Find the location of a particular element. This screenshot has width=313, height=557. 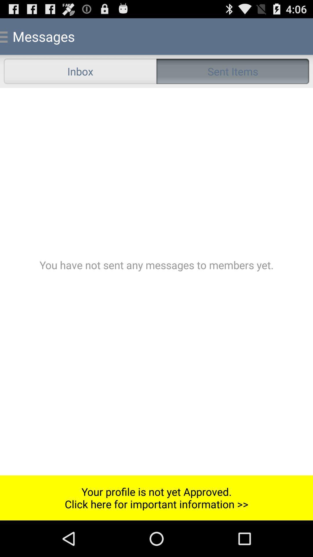

icon next to the sent items radio button is located at coordinates (80, 71).